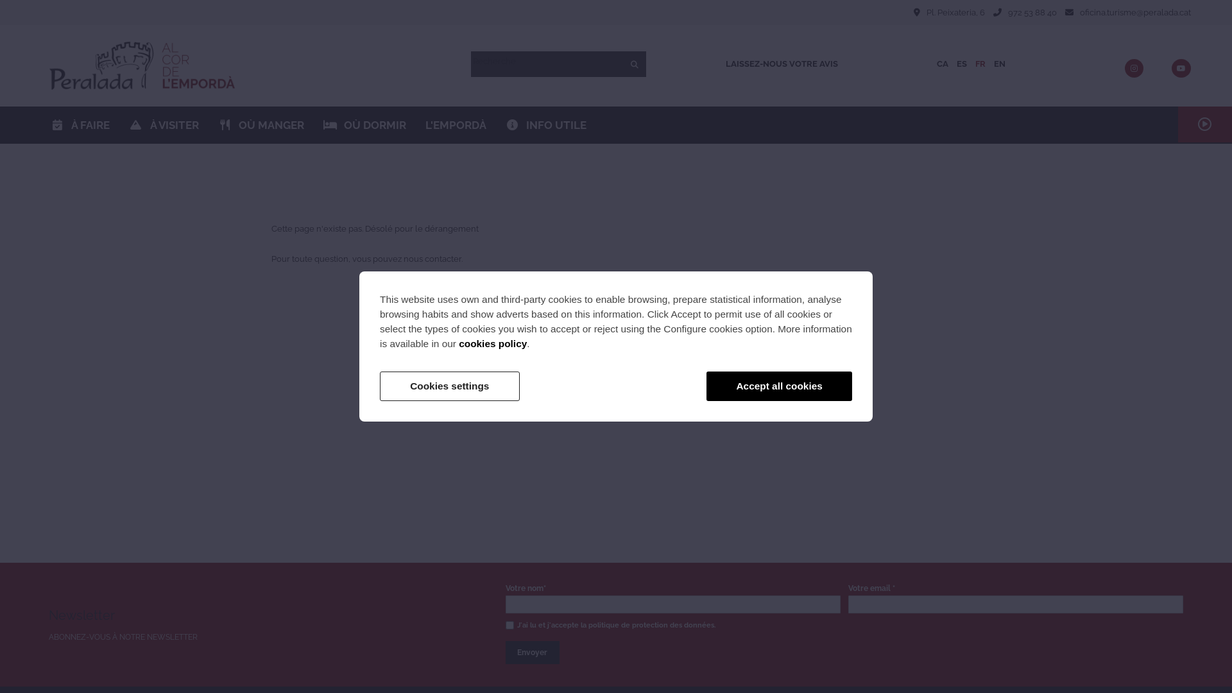 The image size is (1232, 693). What do you see at coordinates (979, 64) in the screenshot?
I see `'FR'` at bounding box center [979, 64].